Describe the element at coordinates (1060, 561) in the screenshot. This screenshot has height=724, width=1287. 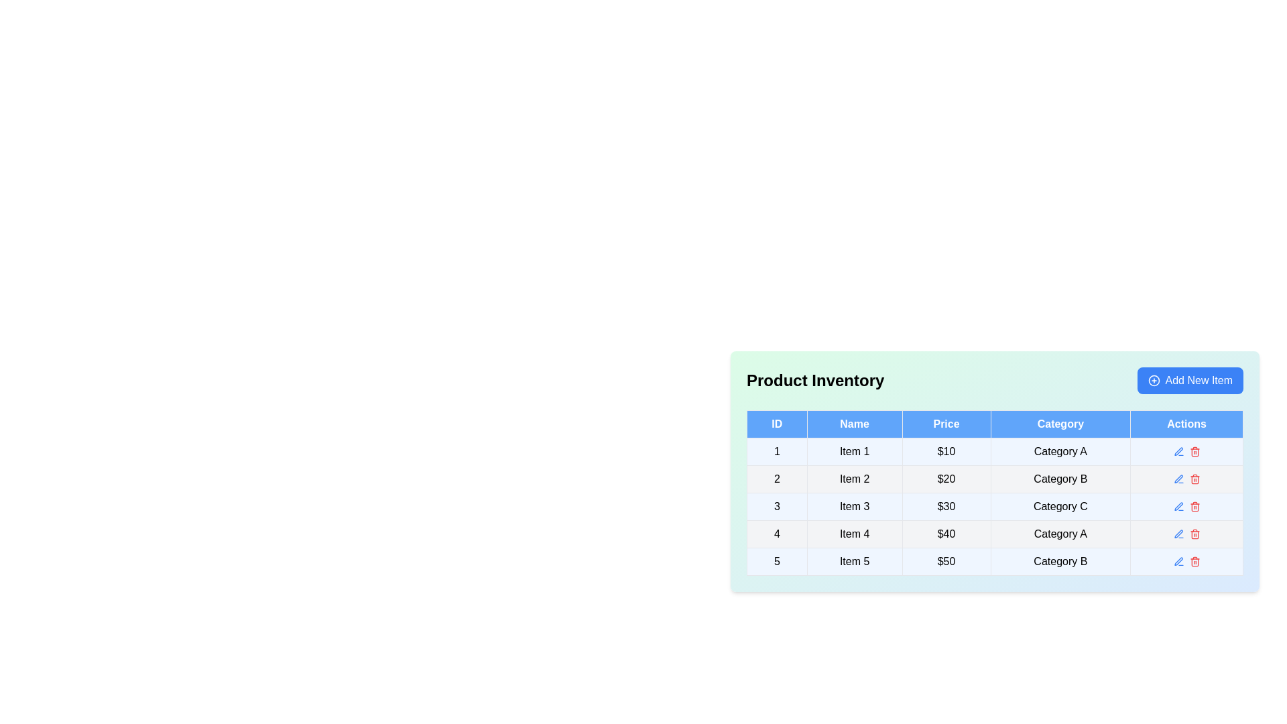
I see `the text cell displaying 'Category B' in the fifth row and fourth cell of the table, which is styled with a border and bold black text` at that location.